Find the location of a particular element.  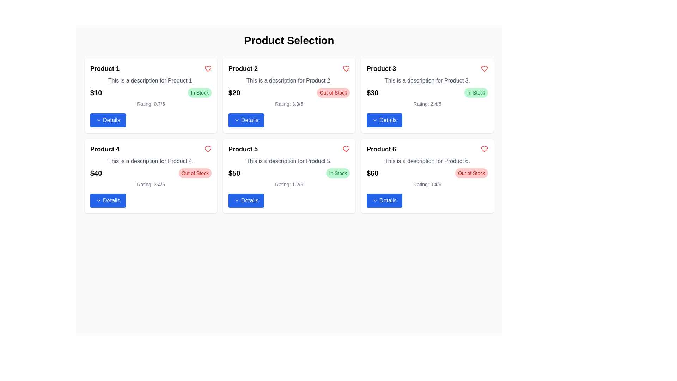

the heart-shaped icon button in the top-right corner of the 'Product 2' card is located at coordinates (346, 69).